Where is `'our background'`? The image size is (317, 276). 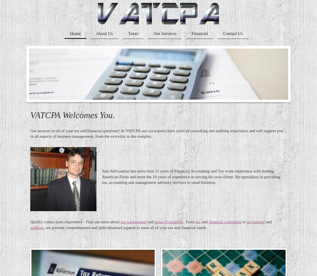
'our background' is located at coordinates (133, 222).